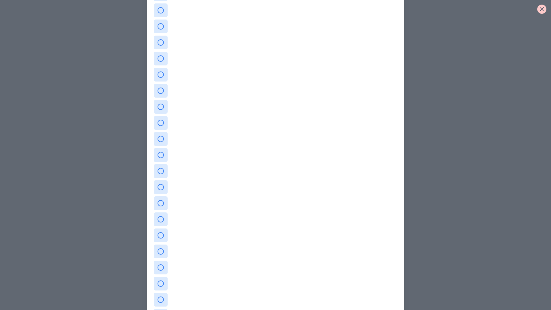  What do you see at coordinates (541, 9) in the screenshot?
I see `the close button to close the dialog` at bounding box center [541, 9].